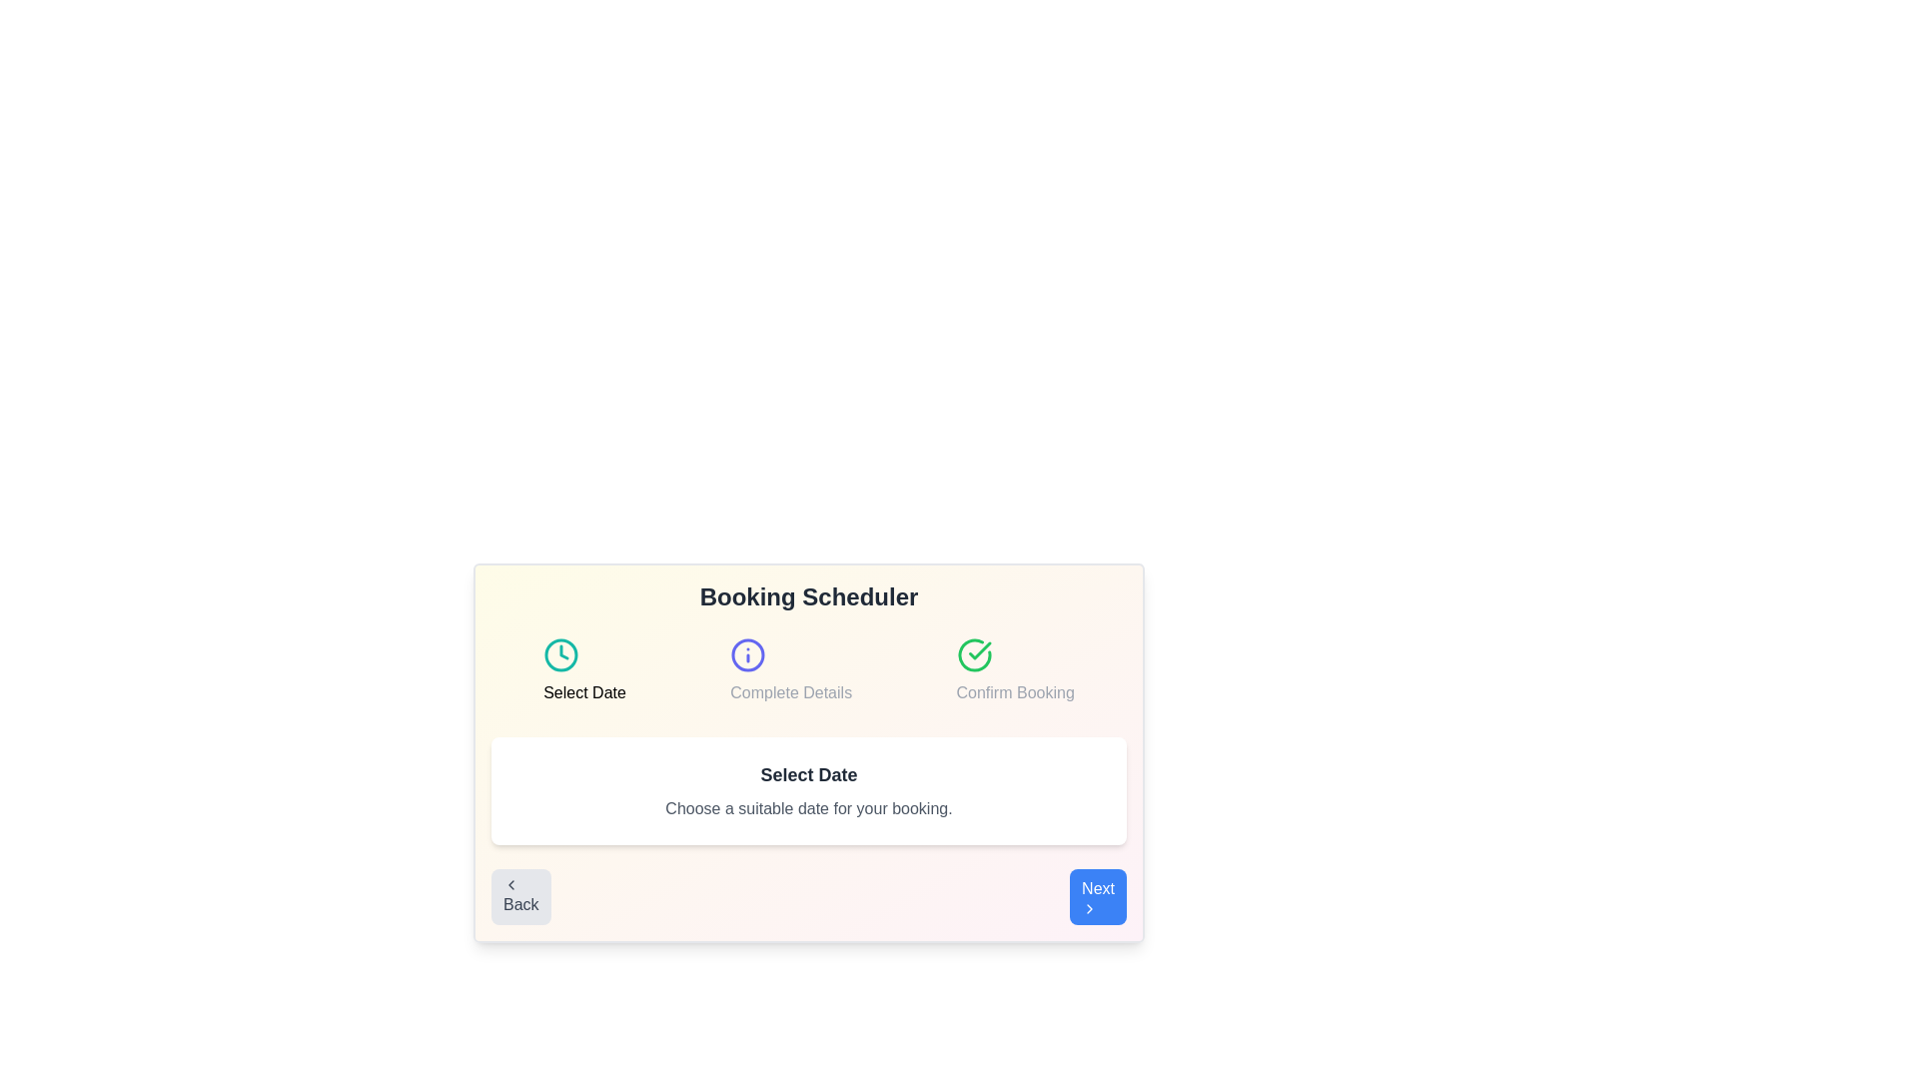  Describe the element at coordinates (1097, 896) in the screenshot. I see `the 'Next' button to proceed to the next step in the booking scheduler` at that location.